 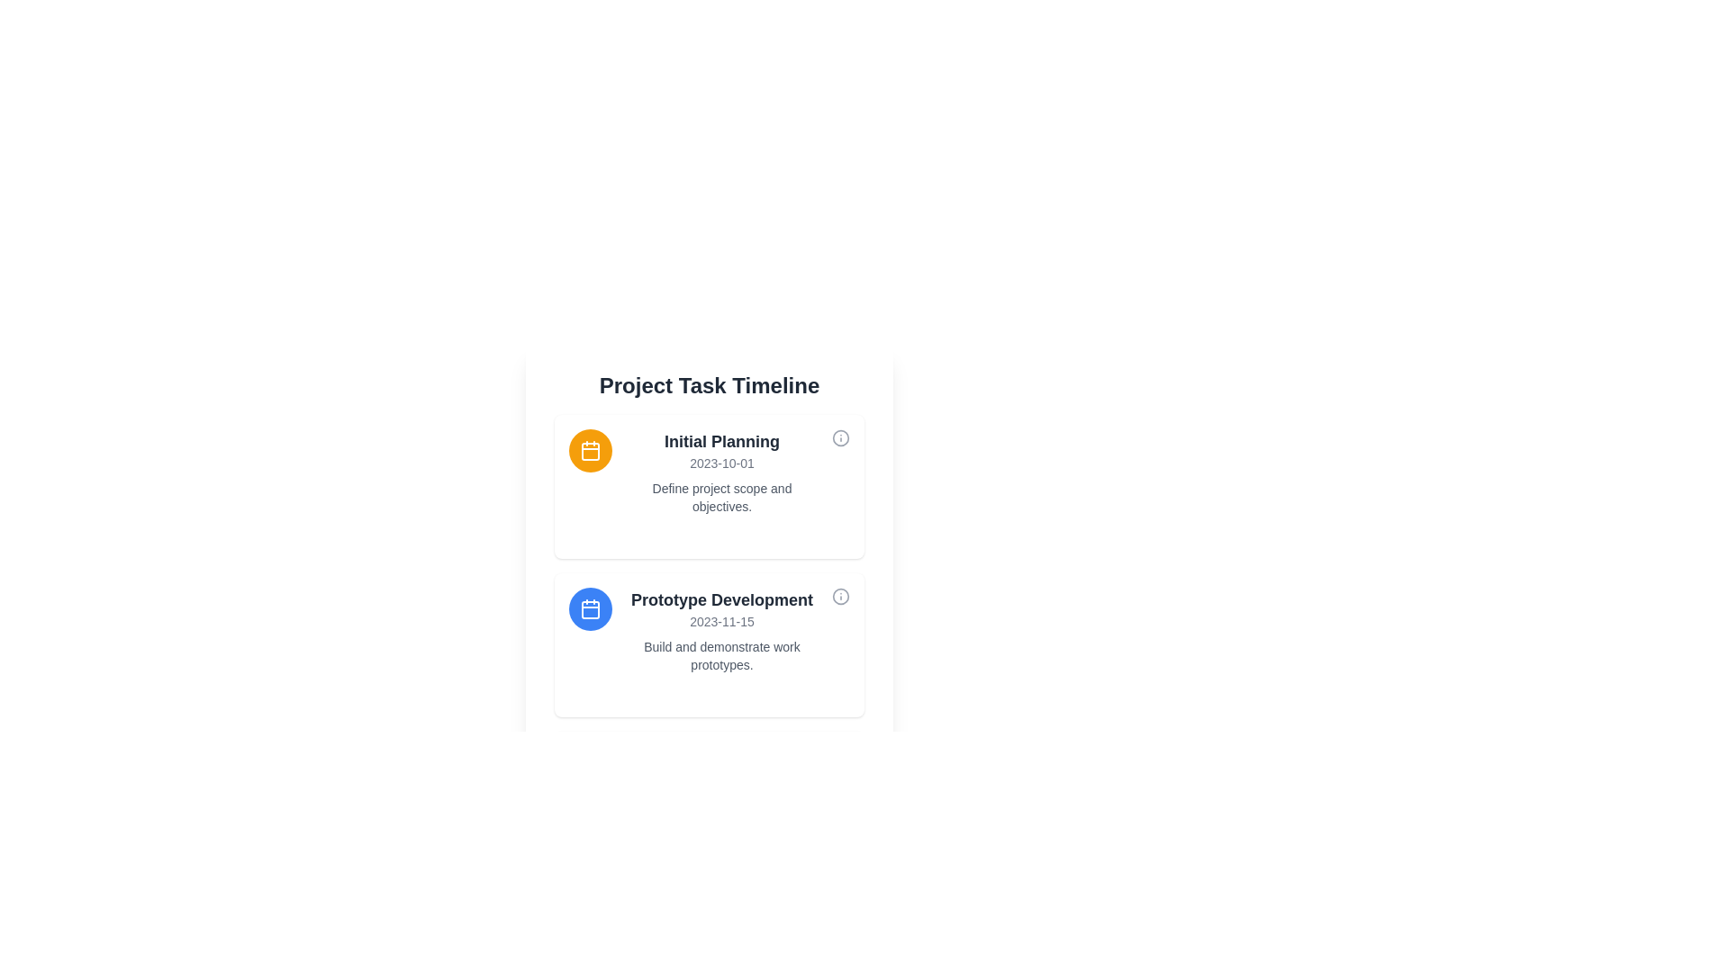 I want to click on the SVG Circle element that is part of the icon located near the 'Prototype Development' section, so click(x=840, y=437).